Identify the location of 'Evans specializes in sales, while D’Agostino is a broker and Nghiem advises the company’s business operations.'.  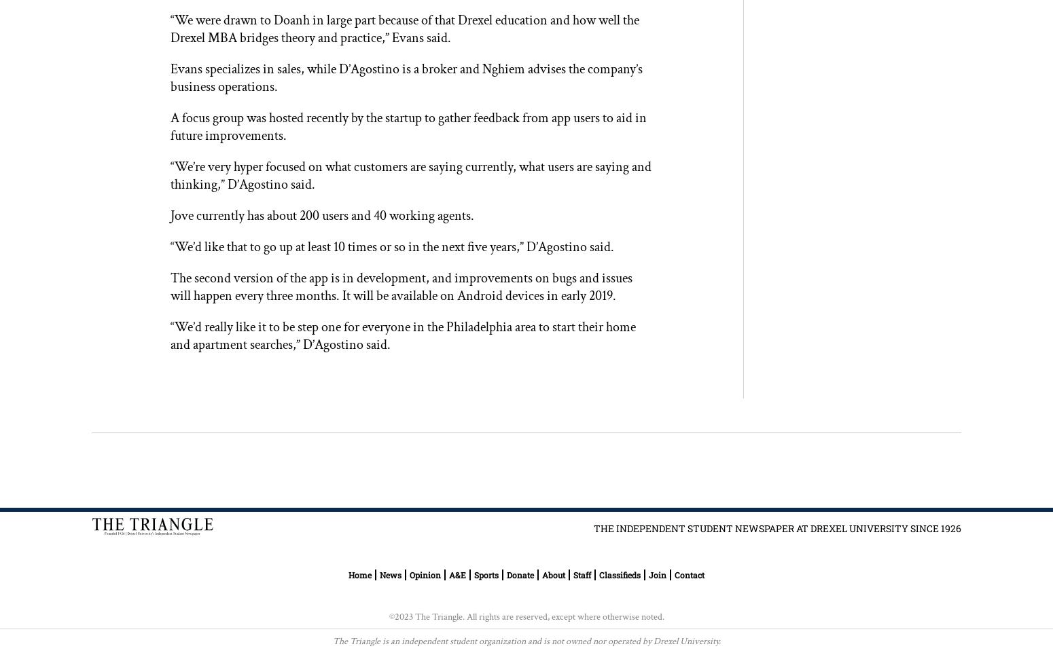
(406, 77).